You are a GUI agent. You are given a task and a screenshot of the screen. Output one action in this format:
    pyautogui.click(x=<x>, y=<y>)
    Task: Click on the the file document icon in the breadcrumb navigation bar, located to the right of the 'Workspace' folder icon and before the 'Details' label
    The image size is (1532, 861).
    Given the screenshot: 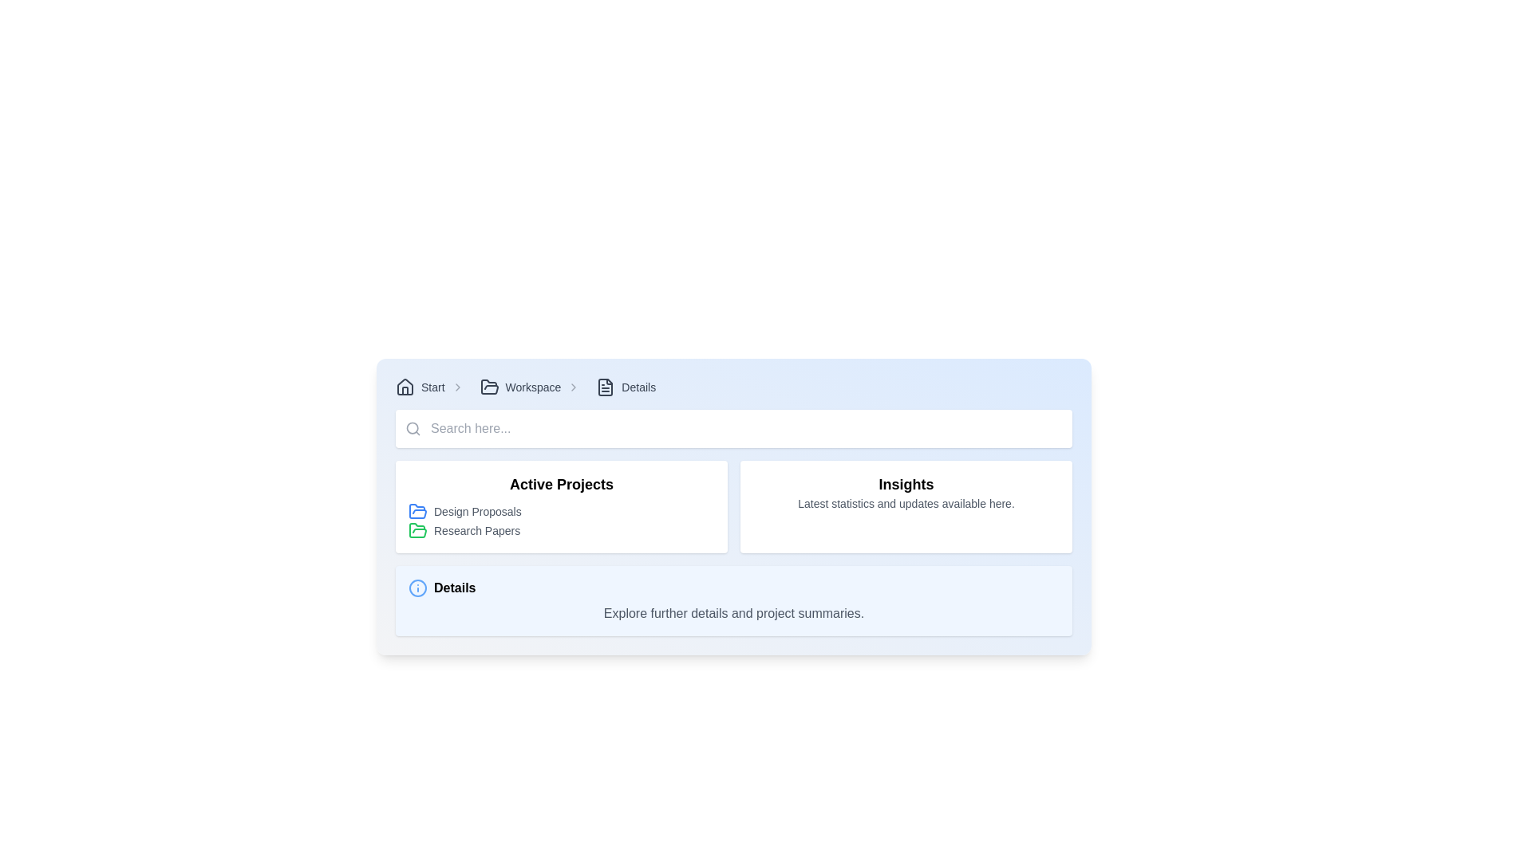 What is the action you would take?
    pyautogui.click(x=605, y=387)
    